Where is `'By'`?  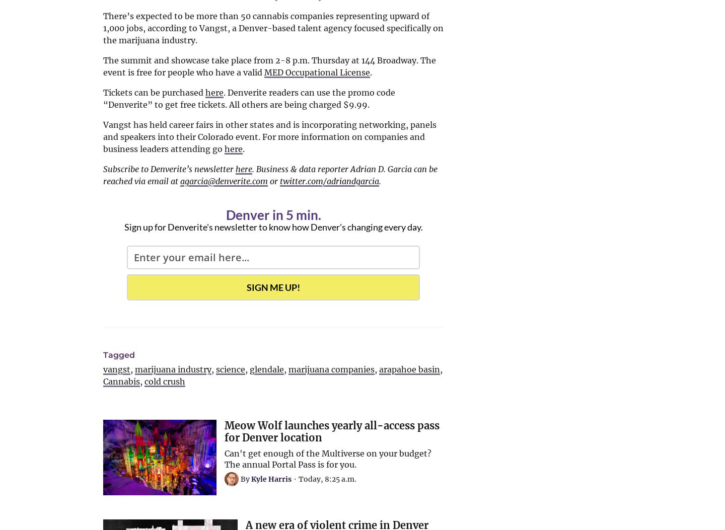 'By' is located at coordinates (245, 479).